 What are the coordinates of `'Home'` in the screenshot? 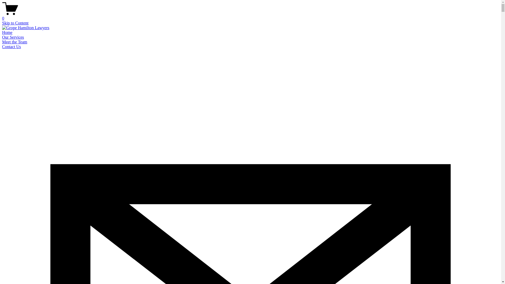 It's located at (7, 32).